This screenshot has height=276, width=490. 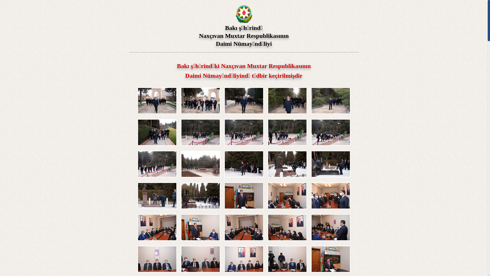 I want to click on 'Click to enlarge', so click(x=224, y=227).